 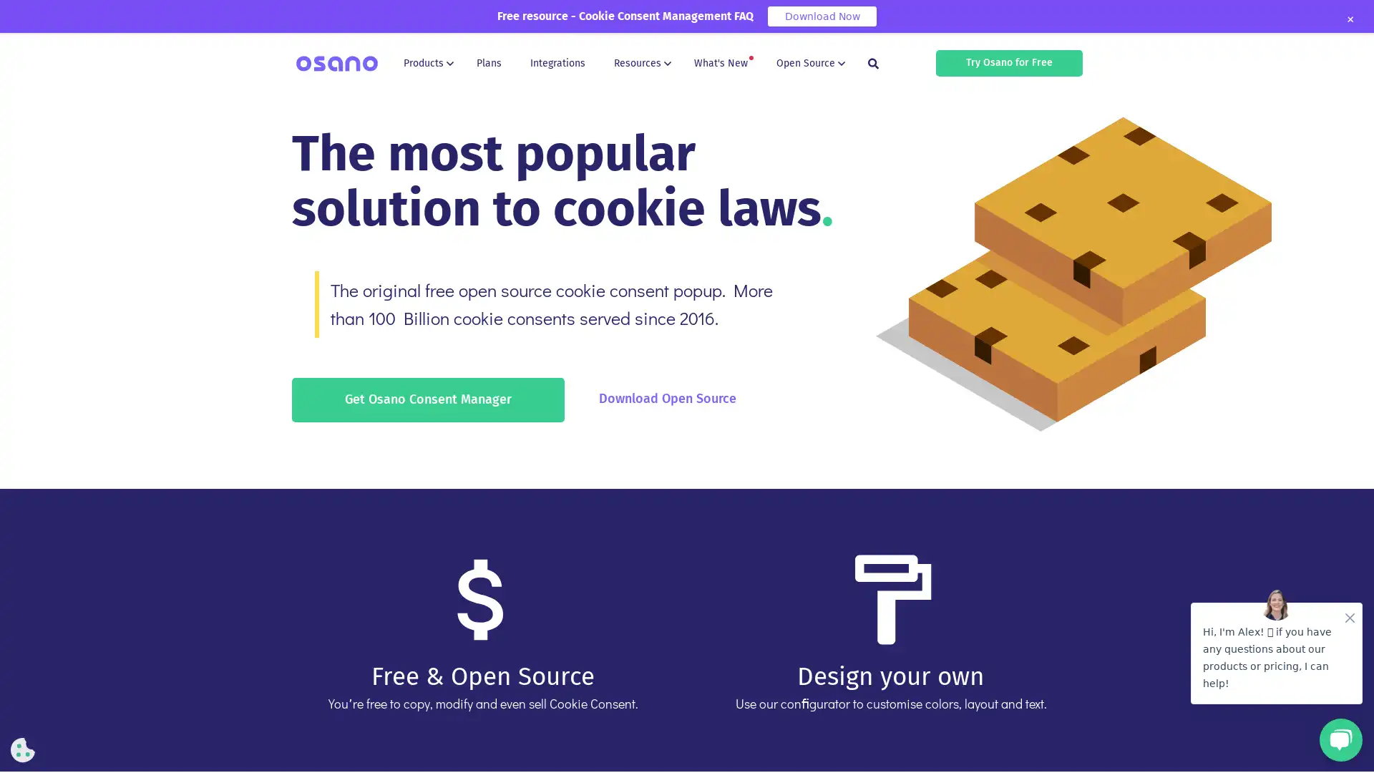 What do you see at coordinates (23, 749) in the screenshot?
I see `Cookie Preferences` at bounding box center [23, 749].